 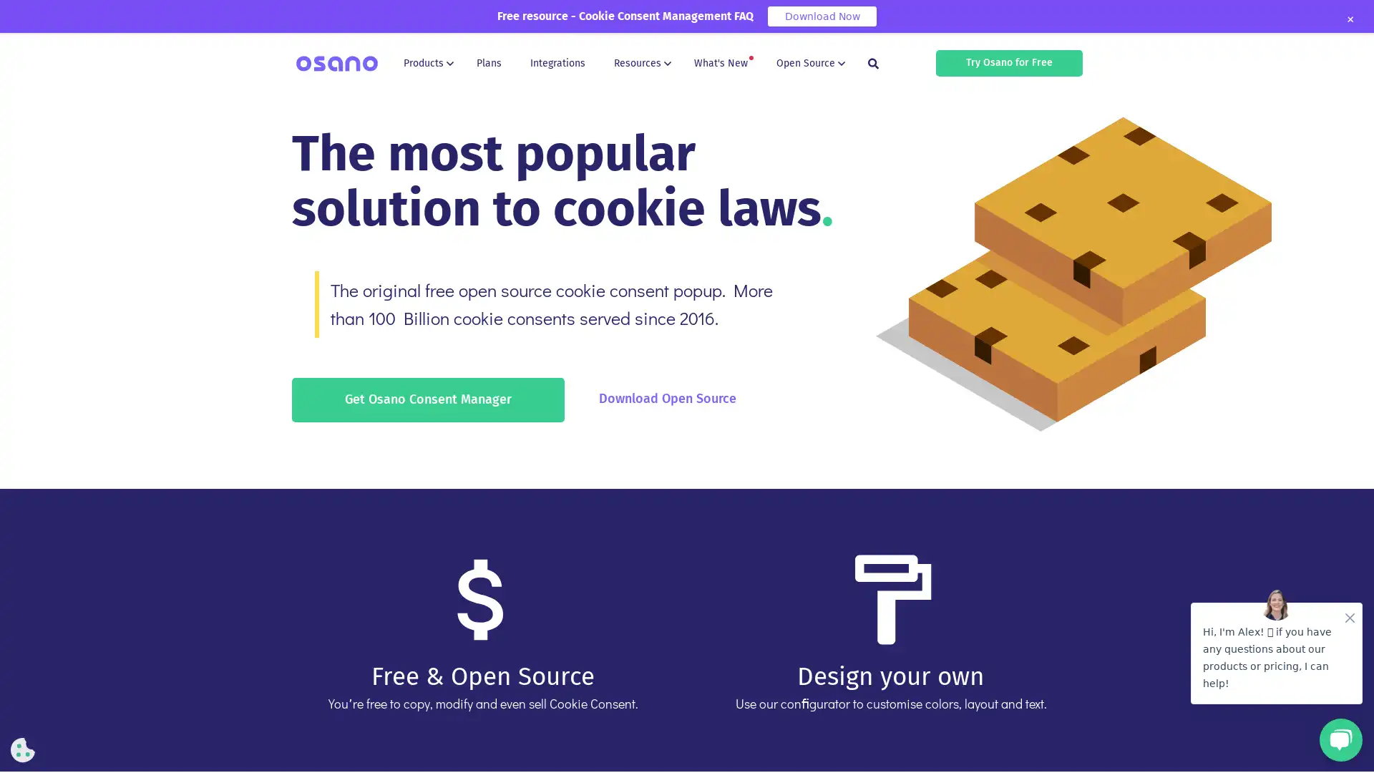 What do you see at coordinates (23, 749) in the screenshot?
I see `Cookie Preferences` at bounding box center [23, 749].